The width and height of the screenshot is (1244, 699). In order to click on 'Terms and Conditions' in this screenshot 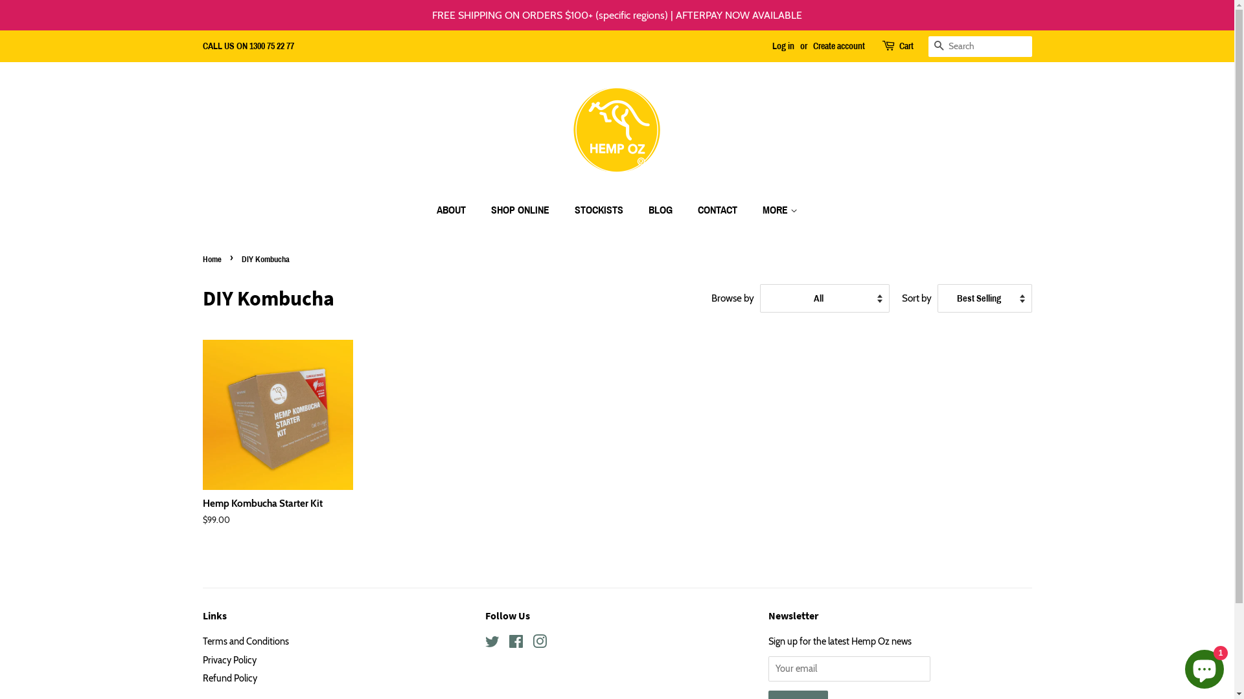, I will do `click(245, 641)`.